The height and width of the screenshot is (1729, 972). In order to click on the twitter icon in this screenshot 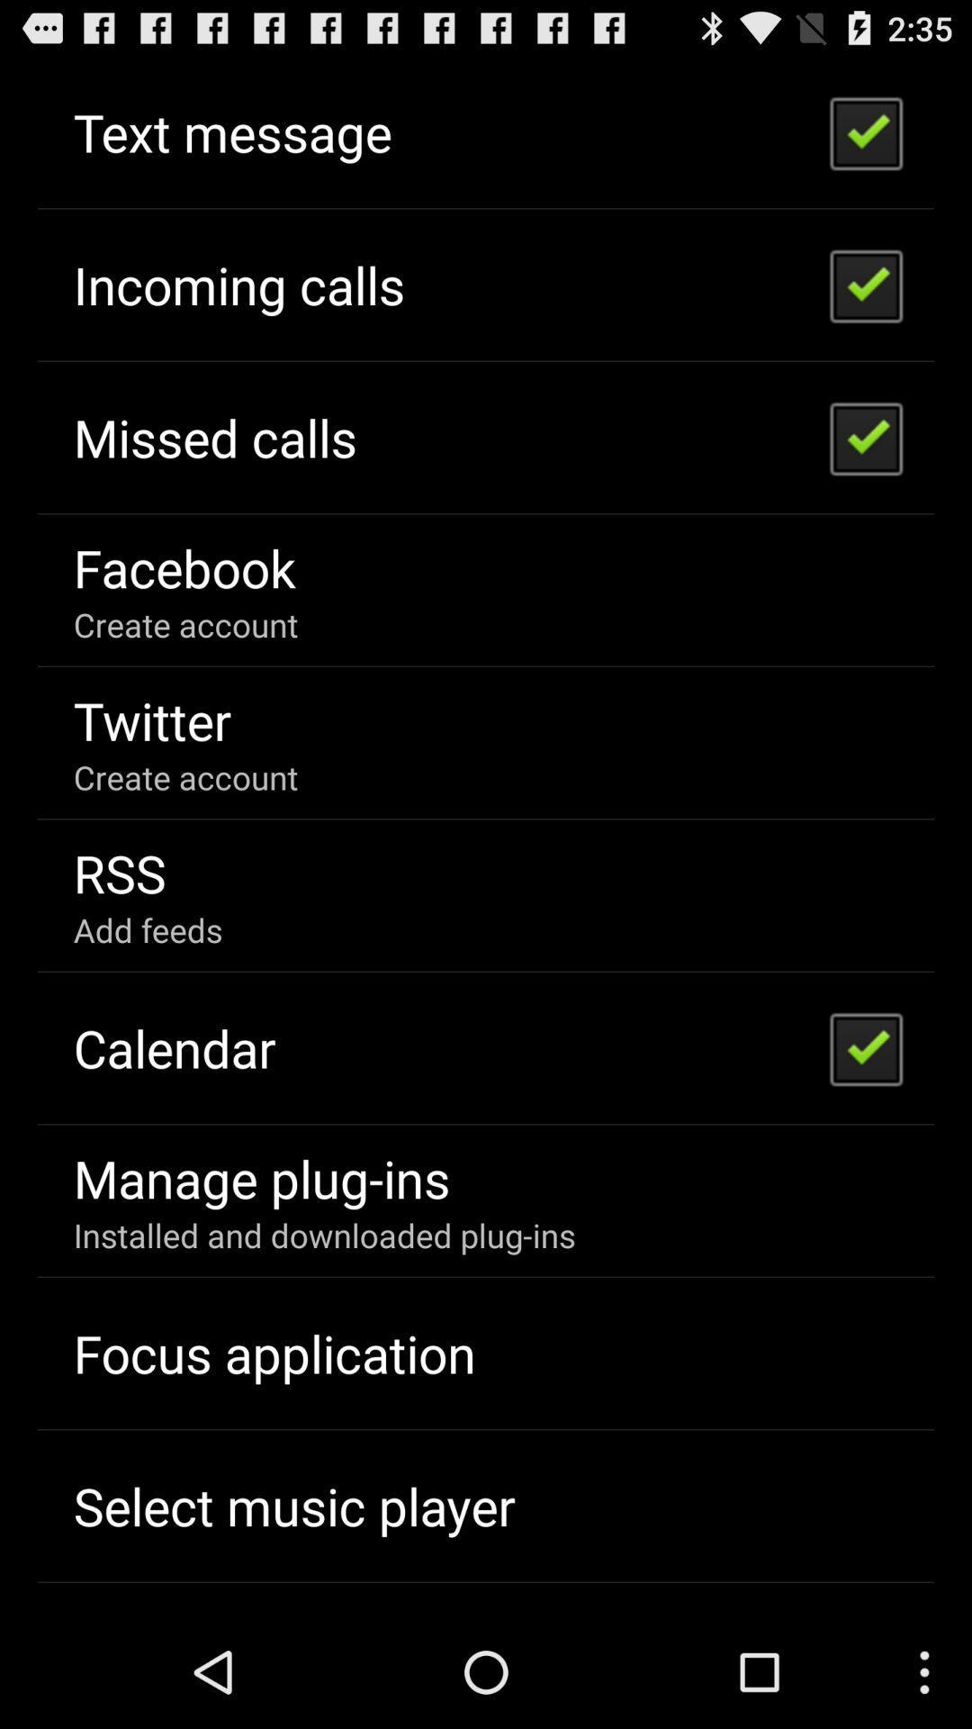, I will do `click(151, 719)`.